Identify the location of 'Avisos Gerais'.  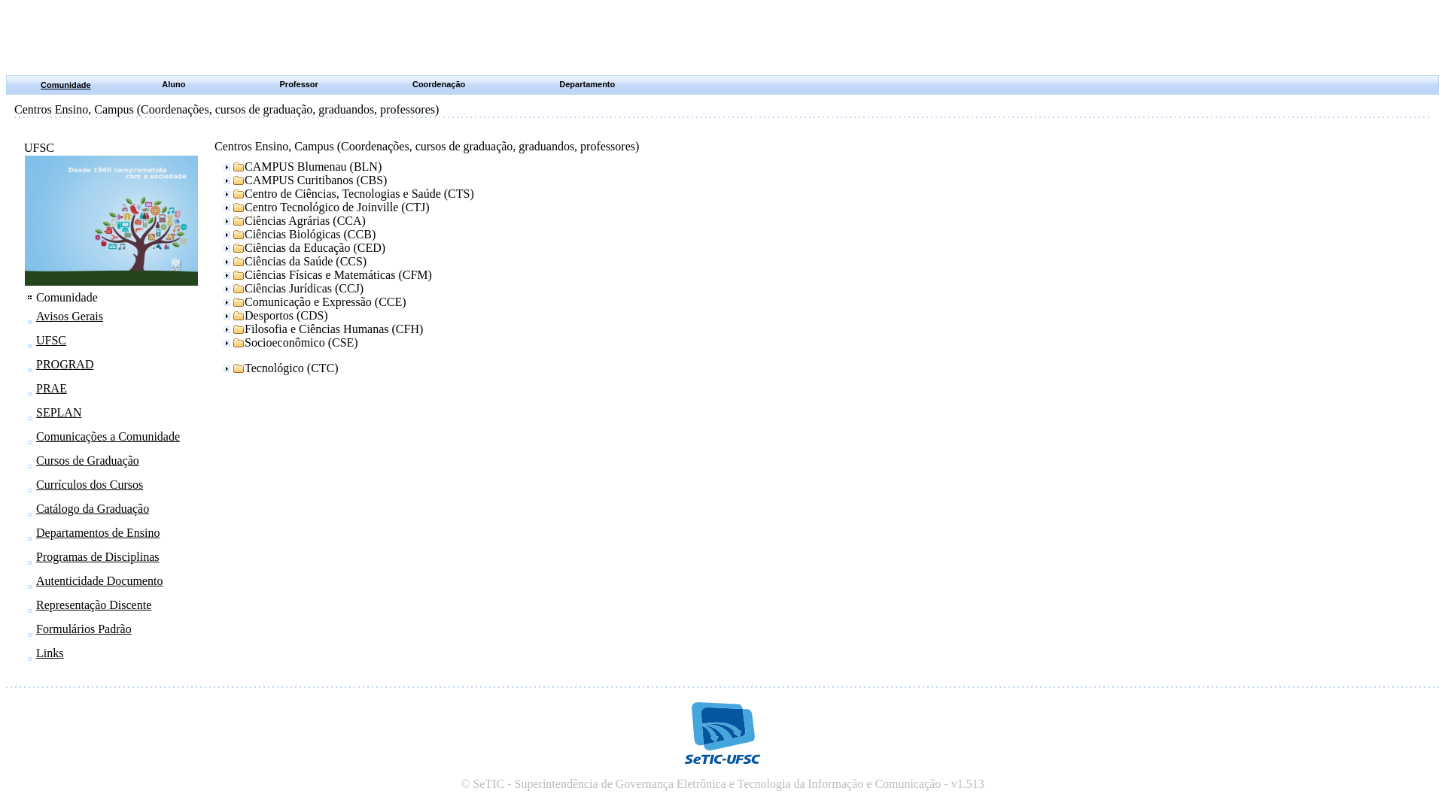
(68, 315).